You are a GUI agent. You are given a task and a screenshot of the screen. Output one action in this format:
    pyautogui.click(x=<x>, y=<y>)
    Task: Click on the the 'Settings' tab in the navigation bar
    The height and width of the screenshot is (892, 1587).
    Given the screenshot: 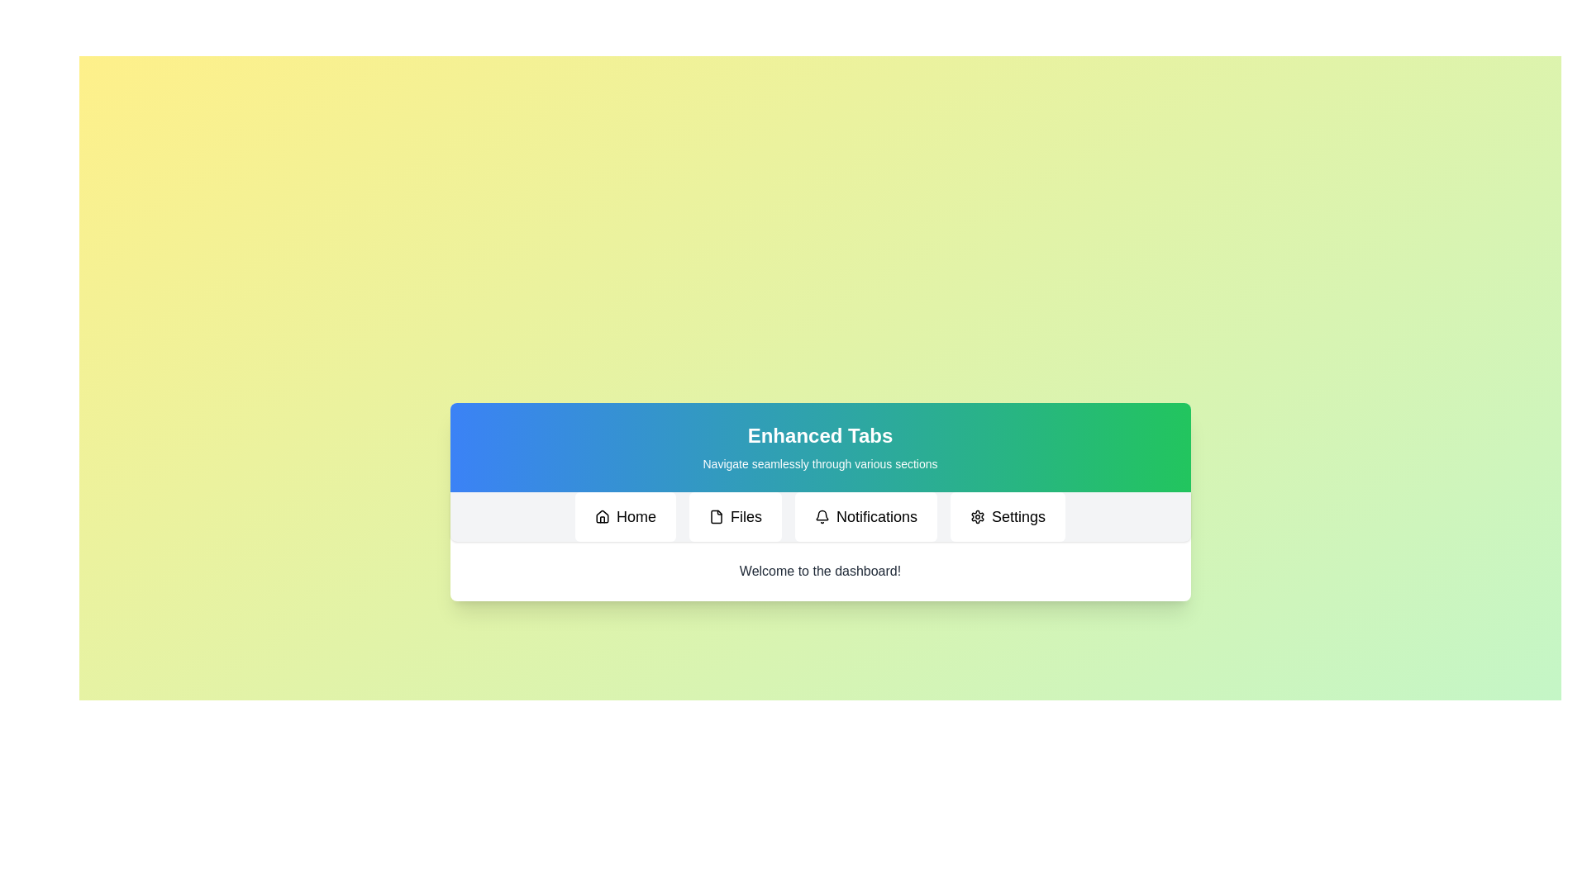 What is the action you would take?
    pyautogui.click(x=1007, y=515)
    